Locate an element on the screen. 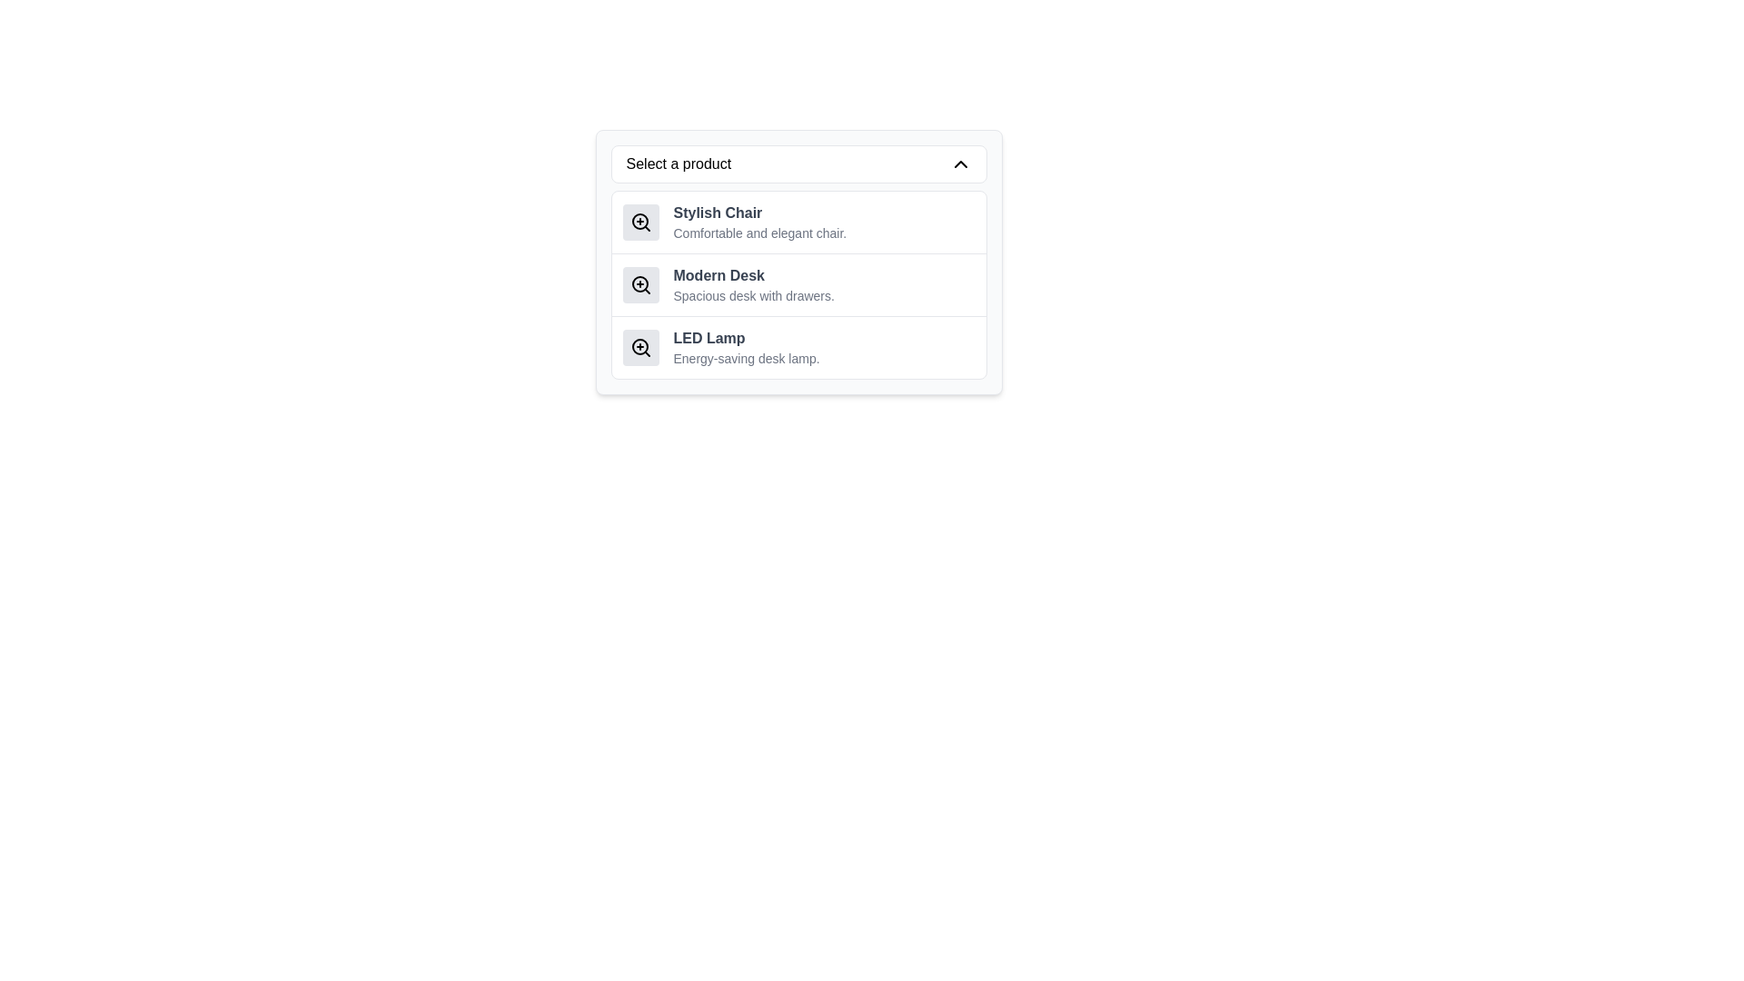 The height and width of the screenshot is (981, 1744). the text label for the product item in the dropdown menu titled 'Select a product', which is positioned above the item description 'Spacious desk with drawers' is located at coordinates (754, 276).